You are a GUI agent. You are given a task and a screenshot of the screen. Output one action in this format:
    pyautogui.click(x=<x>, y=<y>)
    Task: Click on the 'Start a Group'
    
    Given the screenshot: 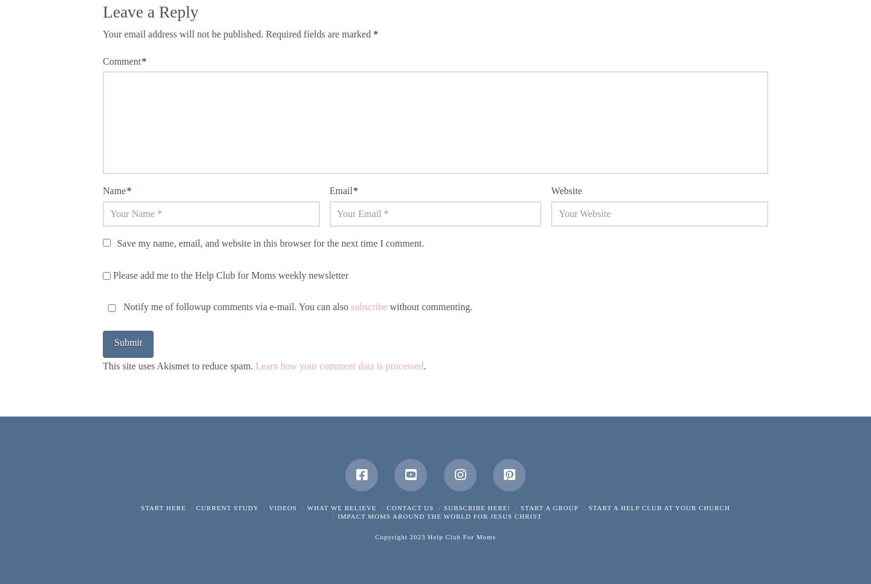 What is the action you would take?
    pyautogui.click(x=549, y=506)
    